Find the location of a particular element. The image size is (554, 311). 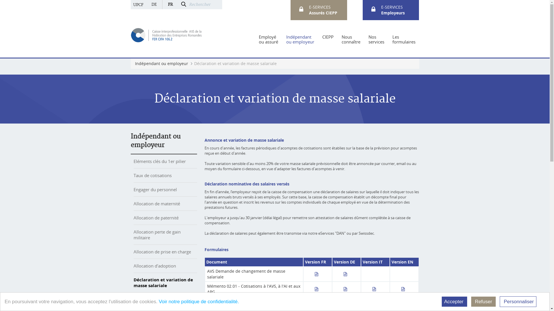

'Allocation de prise en charge' is located at coordinates (162, 251).